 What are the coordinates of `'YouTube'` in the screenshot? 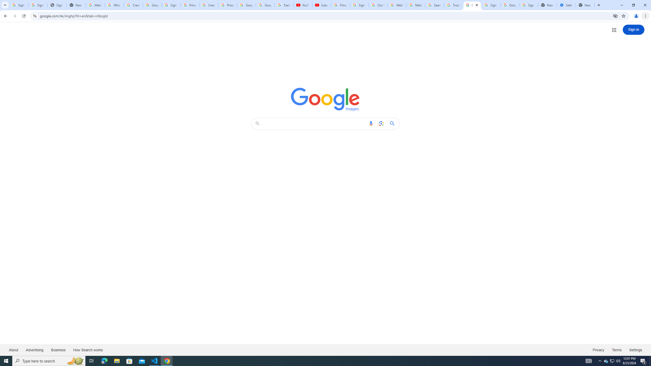 It's located at (303, 5).